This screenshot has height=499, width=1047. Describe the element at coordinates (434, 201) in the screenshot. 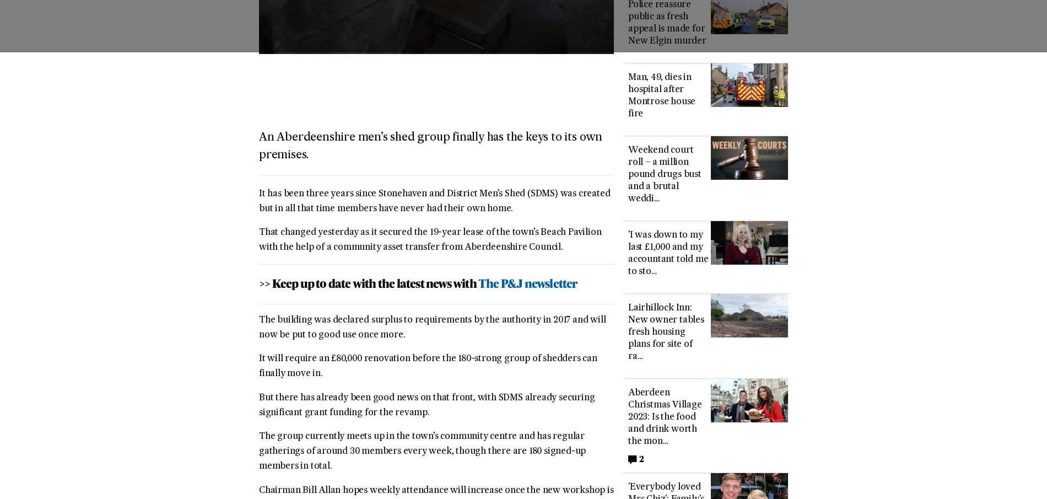

I see `'It has been three years since Stonehaven and District Men’s Shed (SDMS) was created but in all that time members have never had their own home.'` at that location.